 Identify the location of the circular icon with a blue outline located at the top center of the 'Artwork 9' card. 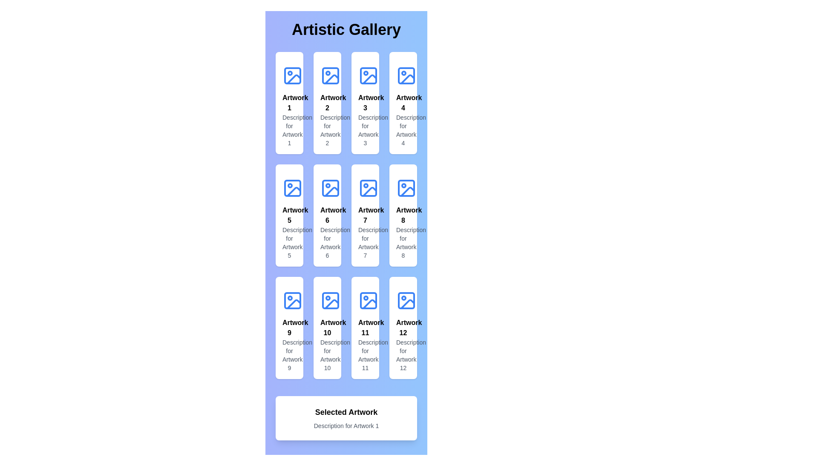
(292, 300).